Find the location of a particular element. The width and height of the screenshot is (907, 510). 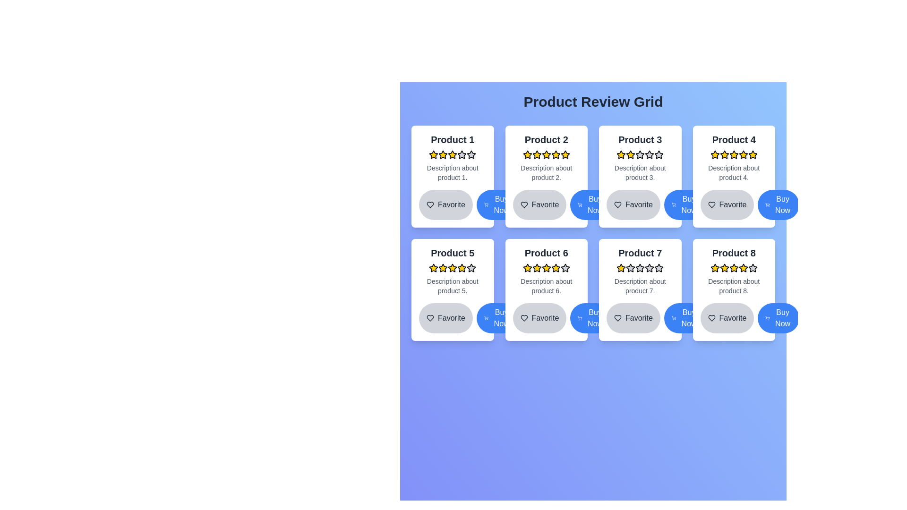

the second star in the rating component of the third product card located in the top row, third column to adjust the rating is located at coordinates (659, 154).